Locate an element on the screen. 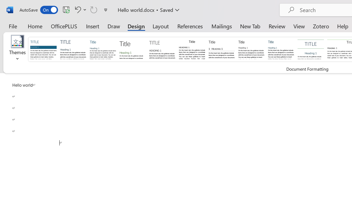 The image size is (352, 220). 'Undo Apply Quick Style Set' is located at coordinates (79, 9).